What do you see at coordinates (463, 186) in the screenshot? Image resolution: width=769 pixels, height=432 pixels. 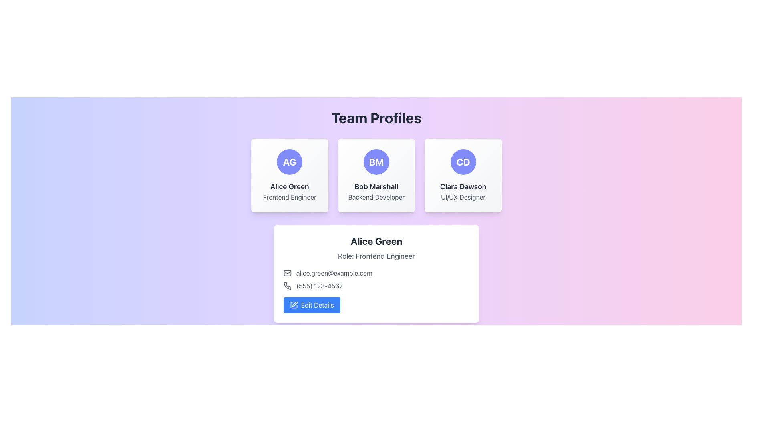 I see `the text label displaying 'Clara Dawson', which is positioned below the avatar with initials 'CD' and above the role description 'UI/UX Designer' within the card-like structure` at bounding box center [463, 186].